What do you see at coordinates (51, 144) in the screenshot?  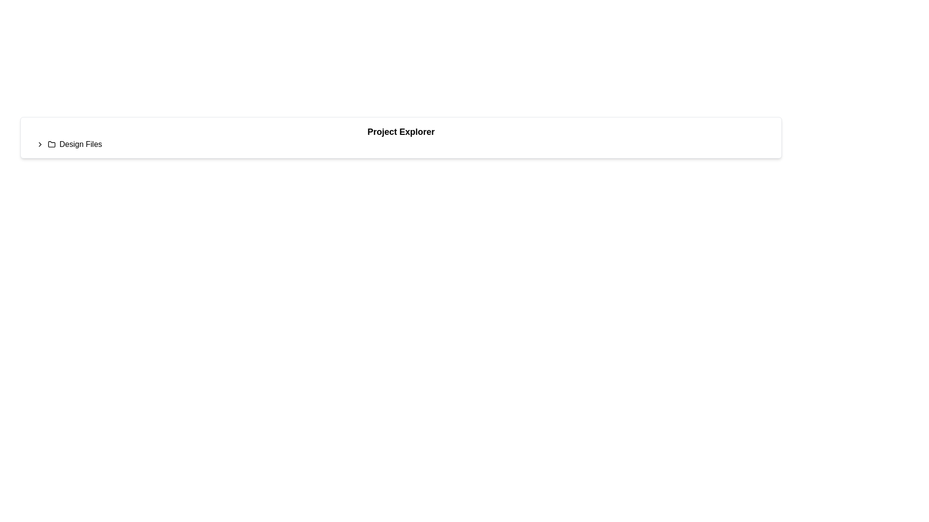 I see `the folder icon, which is styled as an SVG with a rounded outline, located to the left of the 'Design Files' label` at bounding box center [51, 144].